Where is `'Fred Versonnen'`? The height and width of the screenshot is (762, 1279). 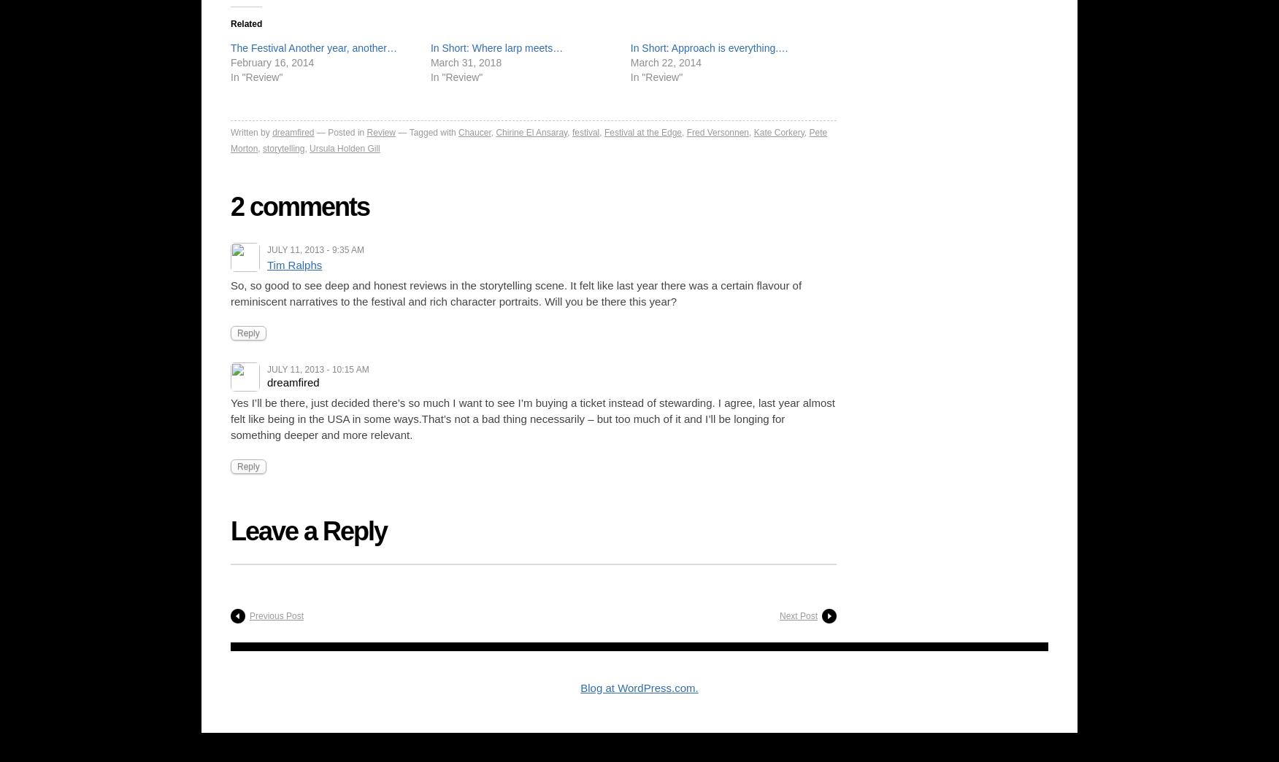 'Fred Versonnen' is located at coordinates (717, 131).